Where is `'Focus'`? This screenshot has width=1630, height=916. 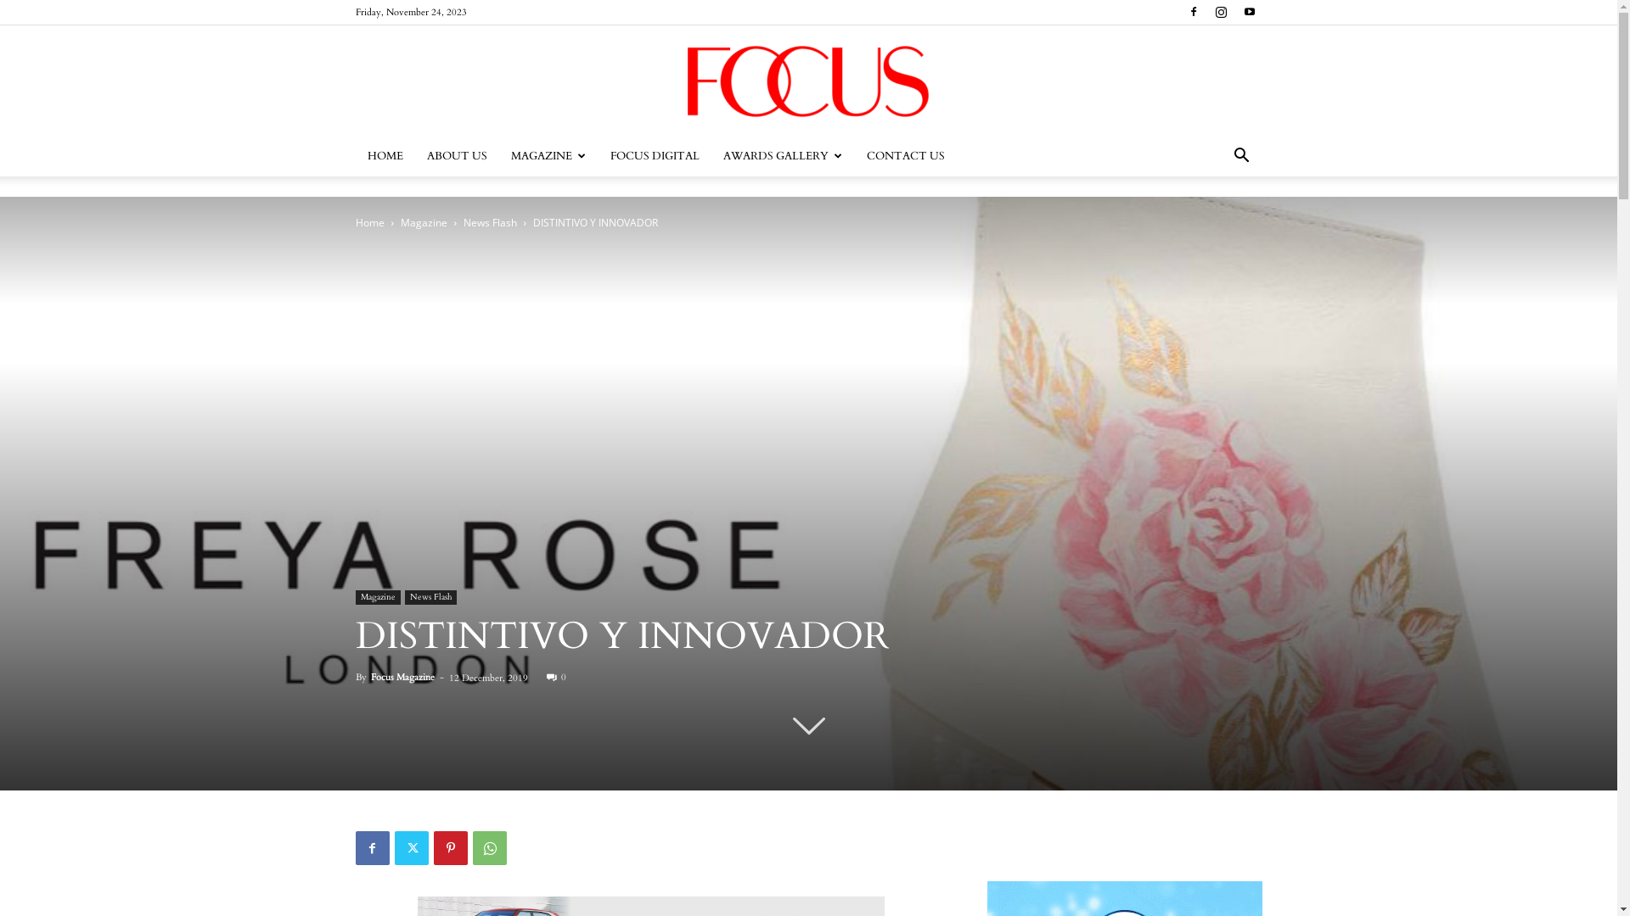 'Focus' is located at coordinates (807, 81).